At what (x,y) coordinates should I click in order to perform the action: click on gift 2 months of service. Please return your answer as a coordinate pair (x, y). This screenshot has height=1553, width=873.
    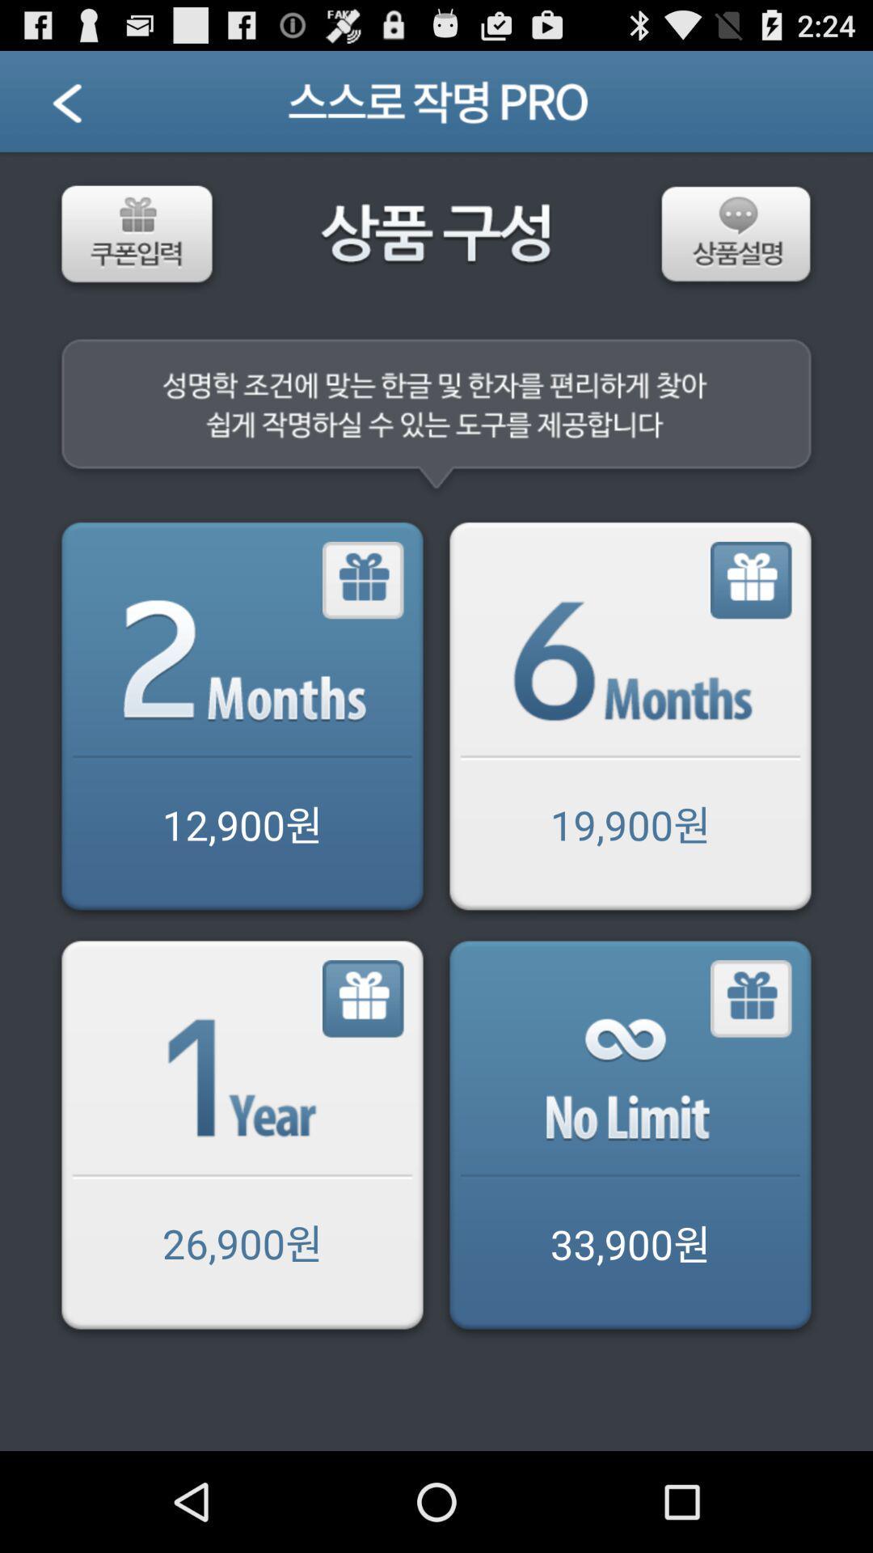
    Looking at the image, I should click on (364, 581).